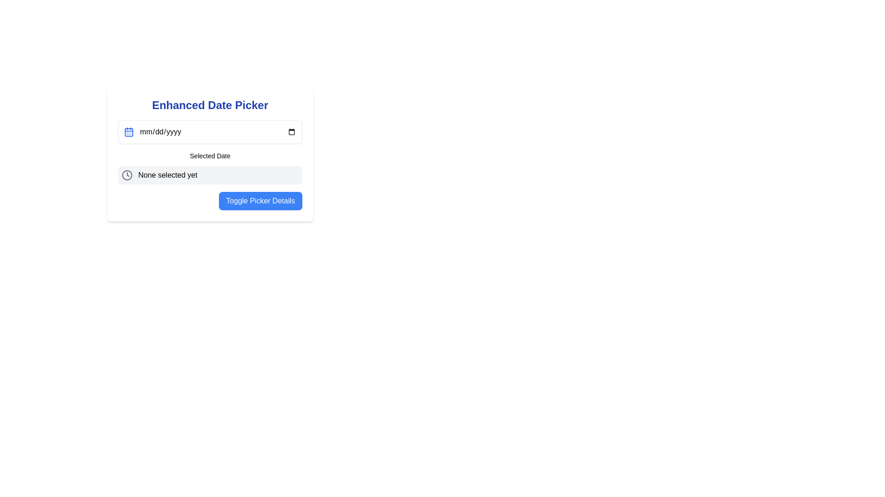 The image size is (885, 497). What do you see at coordinates (126, 175) in the screenshot?
I see `the circular outline representing the clock face in the icon set, which is centrally positioned within the clock's structure` at bounding box center [126, 175].